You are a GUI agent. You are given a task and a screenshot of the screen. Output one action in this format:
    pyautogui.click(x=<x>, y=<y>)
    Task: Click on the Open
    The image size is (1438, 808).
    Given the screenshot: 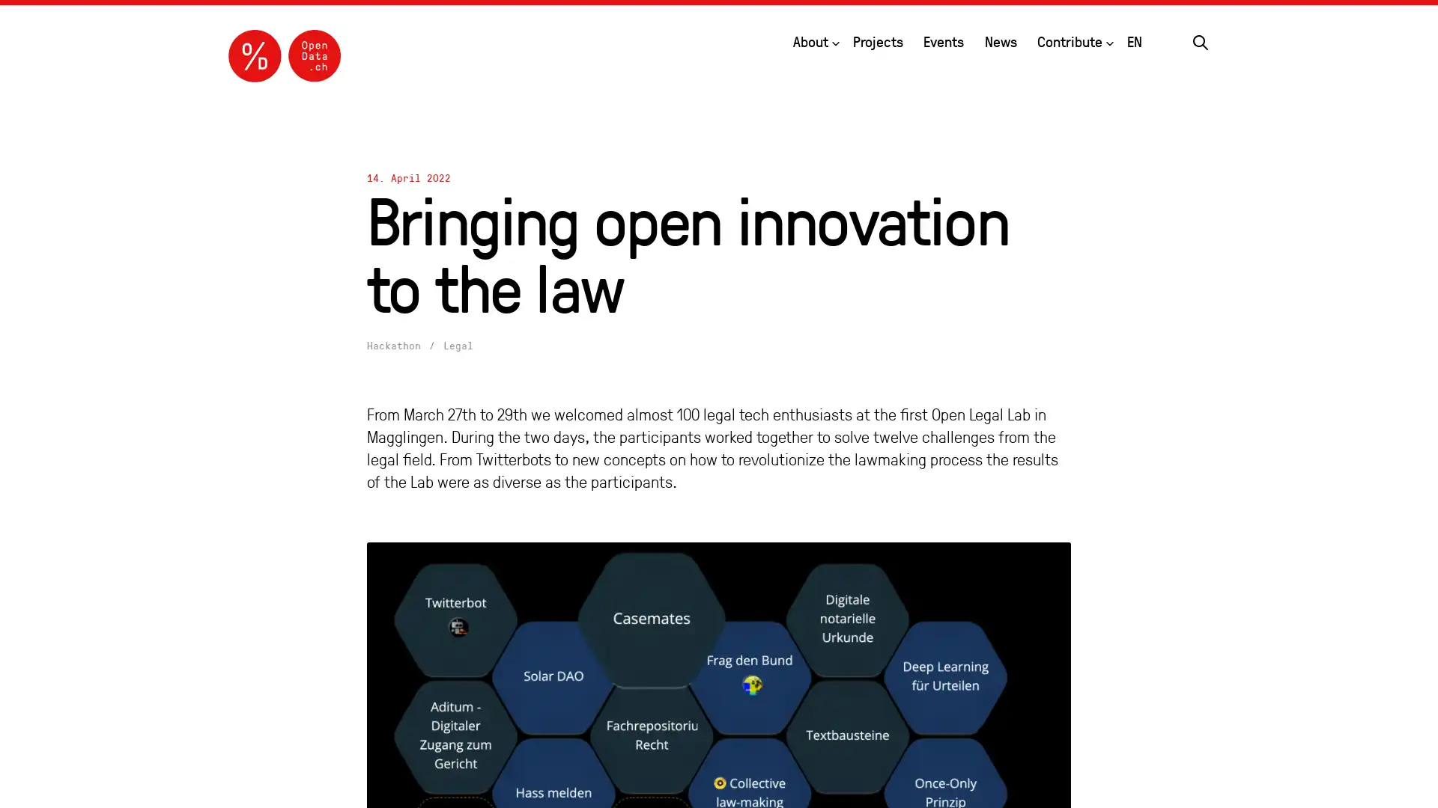 What is the action you would take?
    pyautogui.click(x=834, y=40)
    